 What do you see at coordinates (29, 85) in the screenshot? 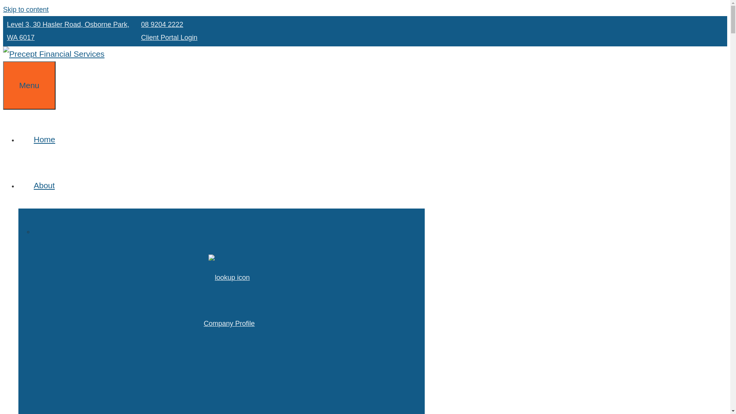
I see `'Menu'` at bounding box center [29, 85].